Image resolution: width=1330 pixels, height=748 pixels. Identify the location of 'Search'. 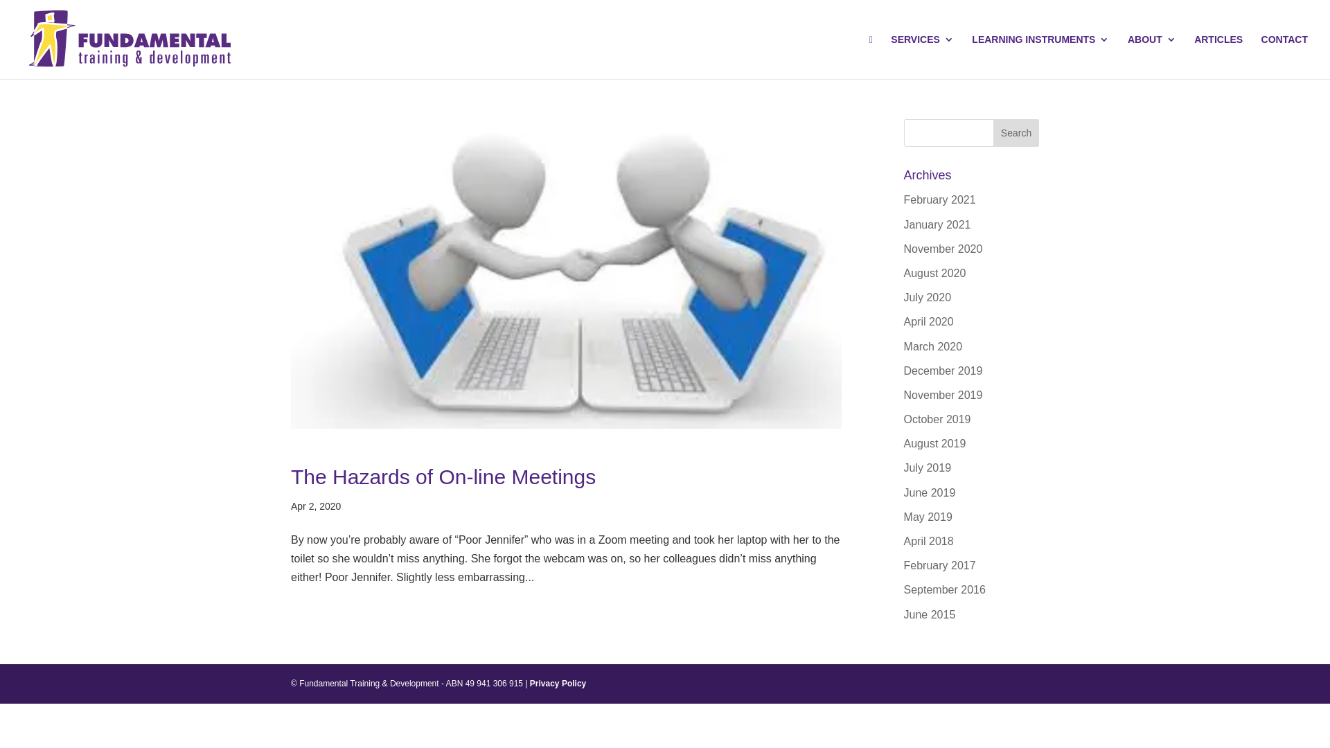
(1016, 133).